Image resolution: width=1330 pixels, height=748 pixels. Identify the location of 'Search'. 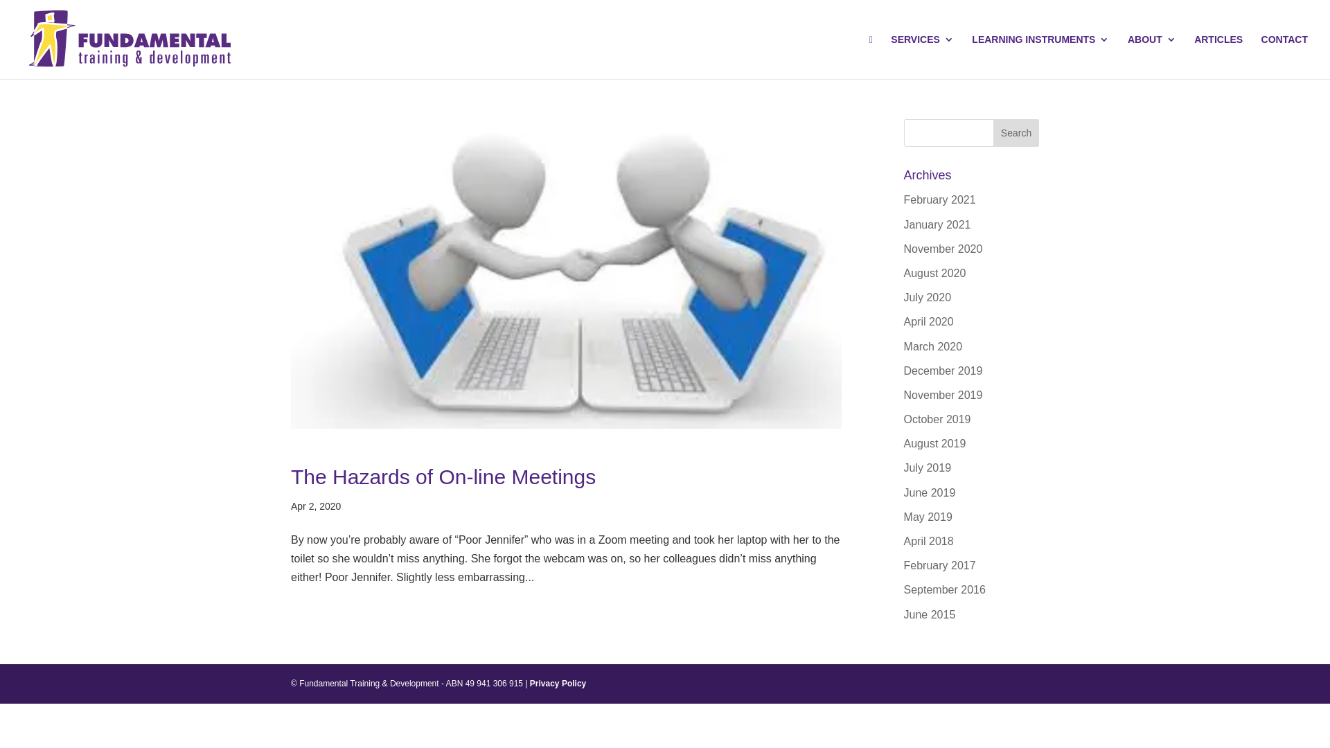
(1016, 133).